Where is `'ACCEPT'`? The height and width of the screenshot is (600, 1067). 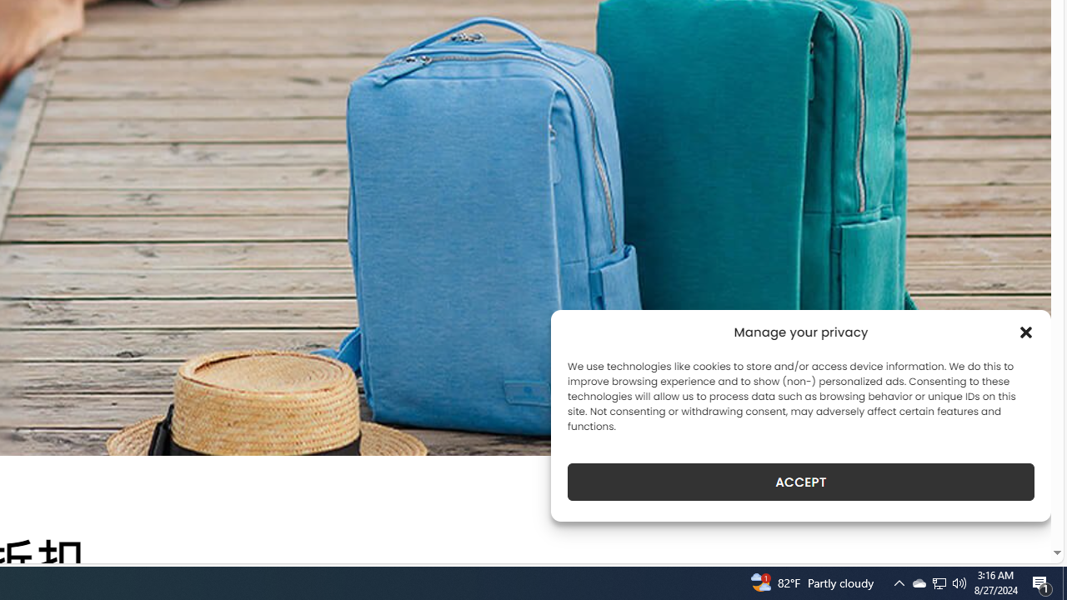
'ACCEPT' is located at coordinates (801, 482).